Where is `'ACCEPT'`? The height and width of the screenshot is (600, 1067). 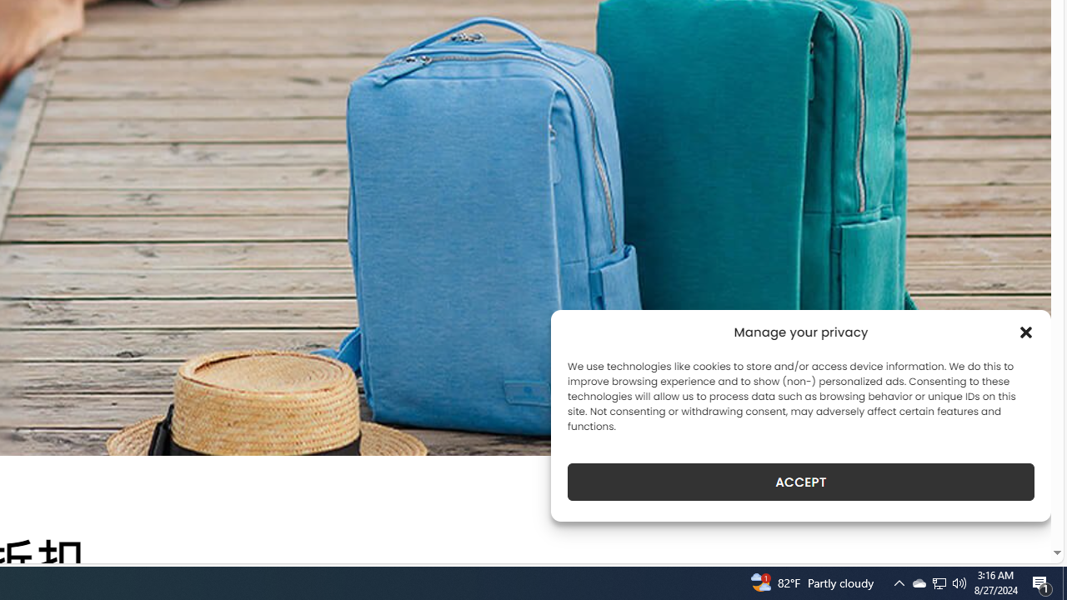
'ACCEPT' is located at coordinates (801, 482).